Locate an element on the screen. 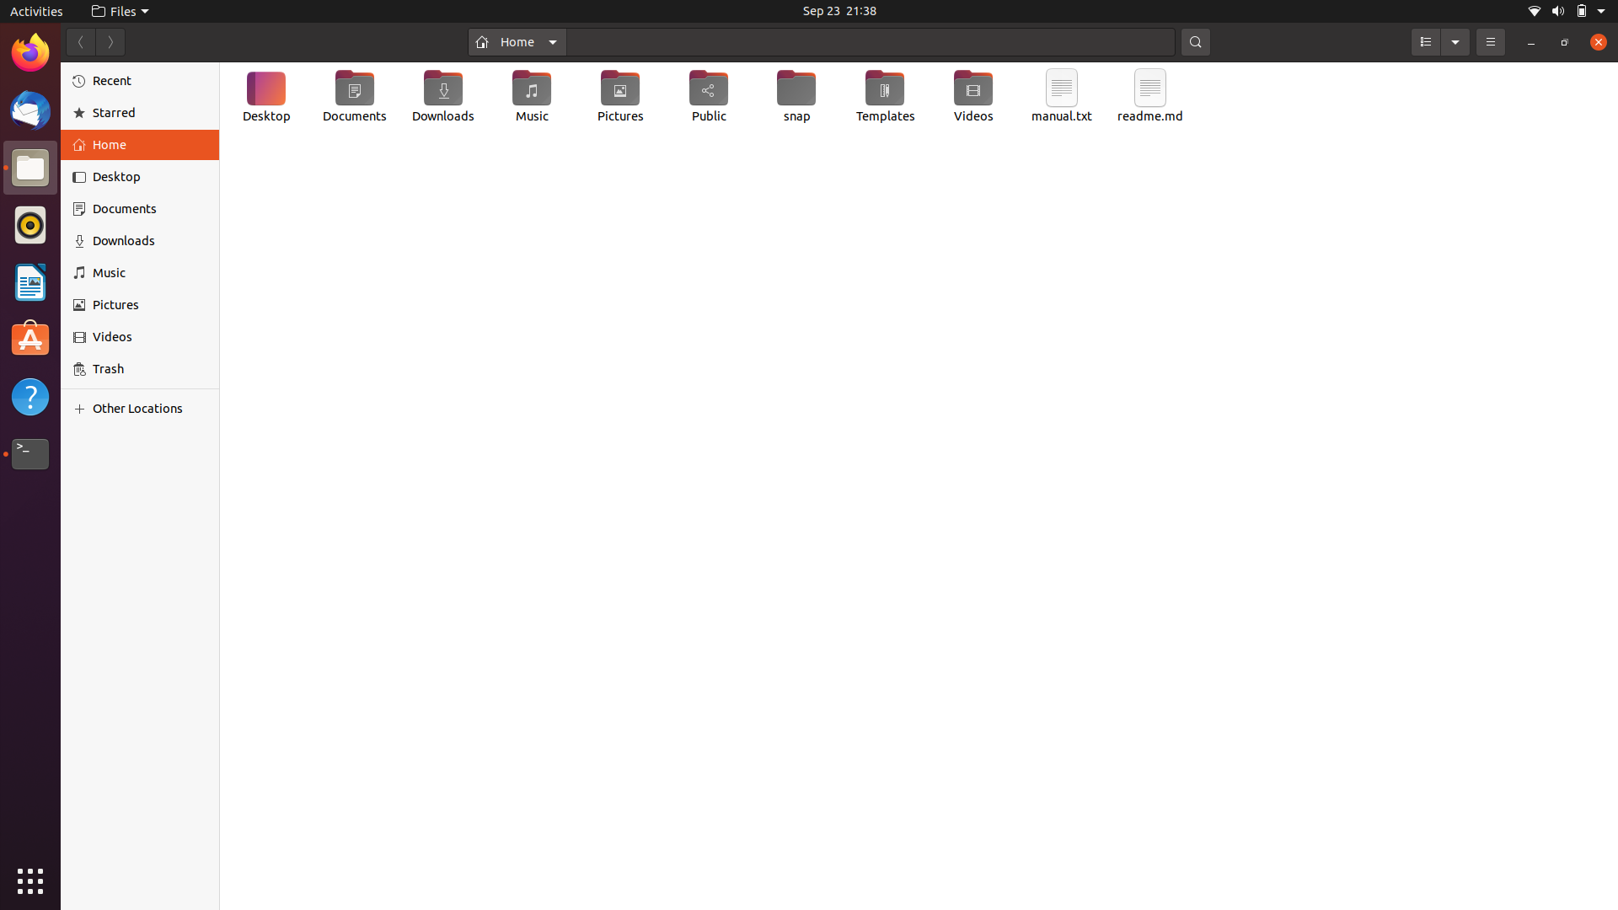  Change the name of the "Music" directory to "My Music" is located at coordinates (530, 99).